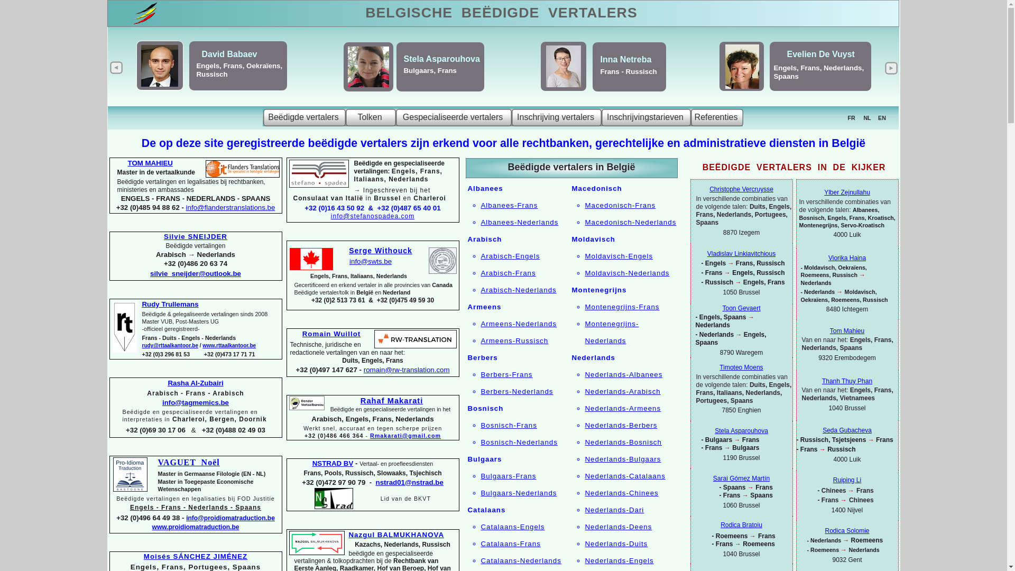  Describe the element at coordinates (519, 323) in the screenshot. I see `'Armeens-Nederlands'` at that location.